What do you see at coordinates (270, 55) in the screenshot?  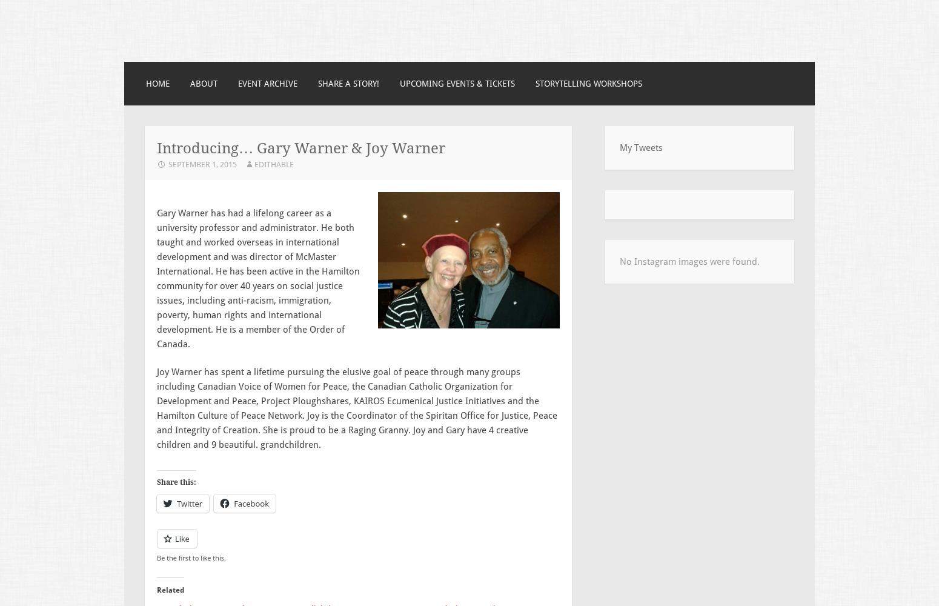 I see `'A storytelling event in Hamilton, Ontario.'` at bounding box center [270, 55].